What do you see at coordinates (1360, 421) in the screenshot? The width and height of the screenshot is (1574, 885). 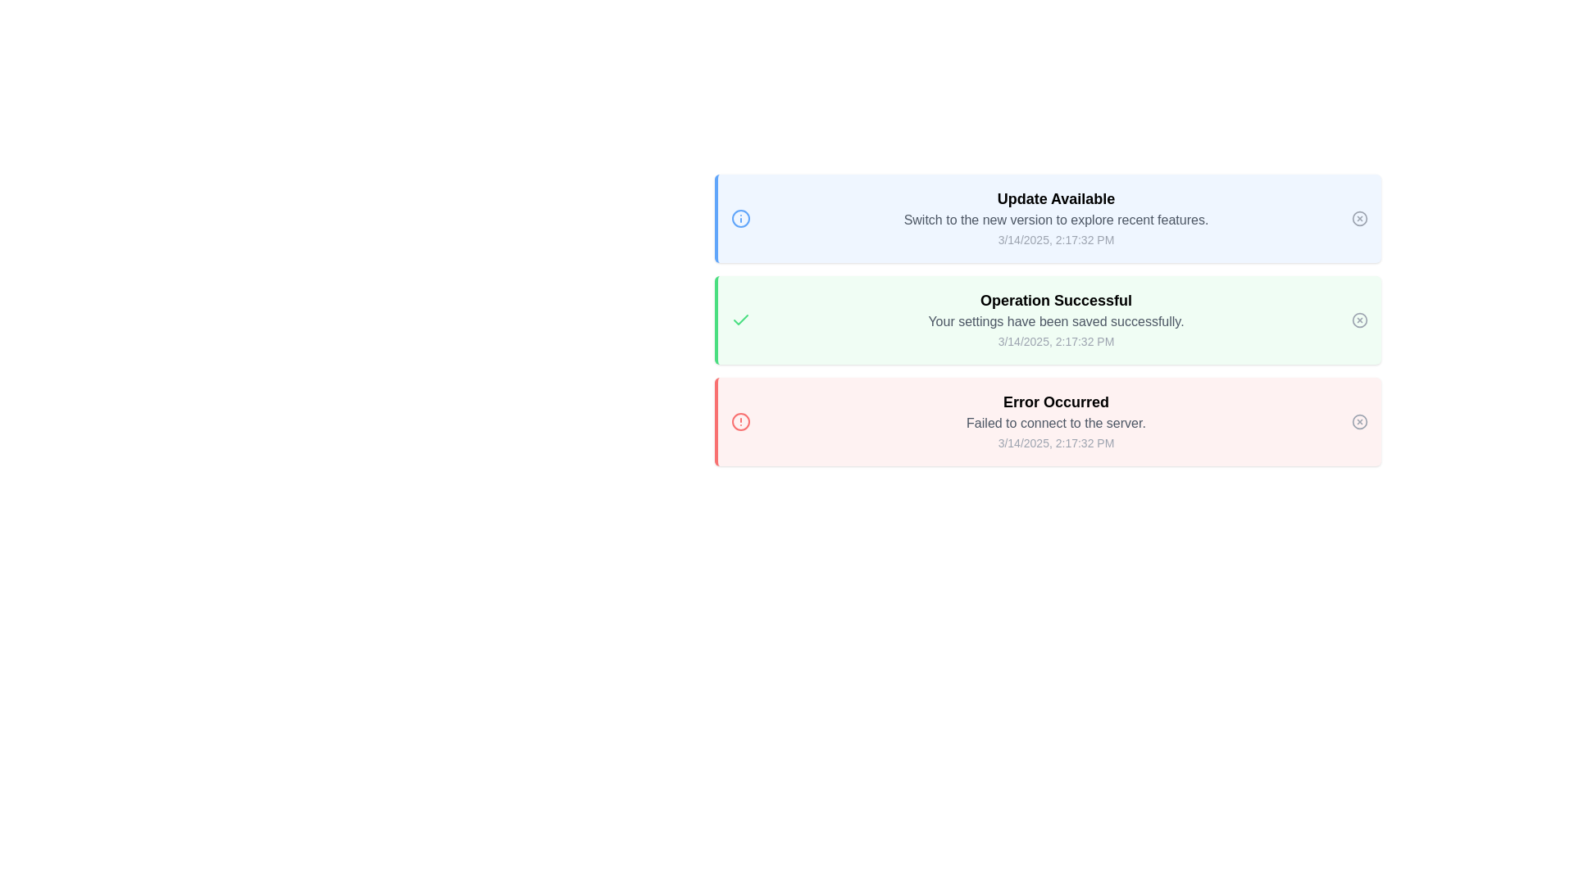 I see `the dismiss button located at the bottom-right of the 'Error Occurred' message card, which has a red border` at bounding box center [1360, 421].